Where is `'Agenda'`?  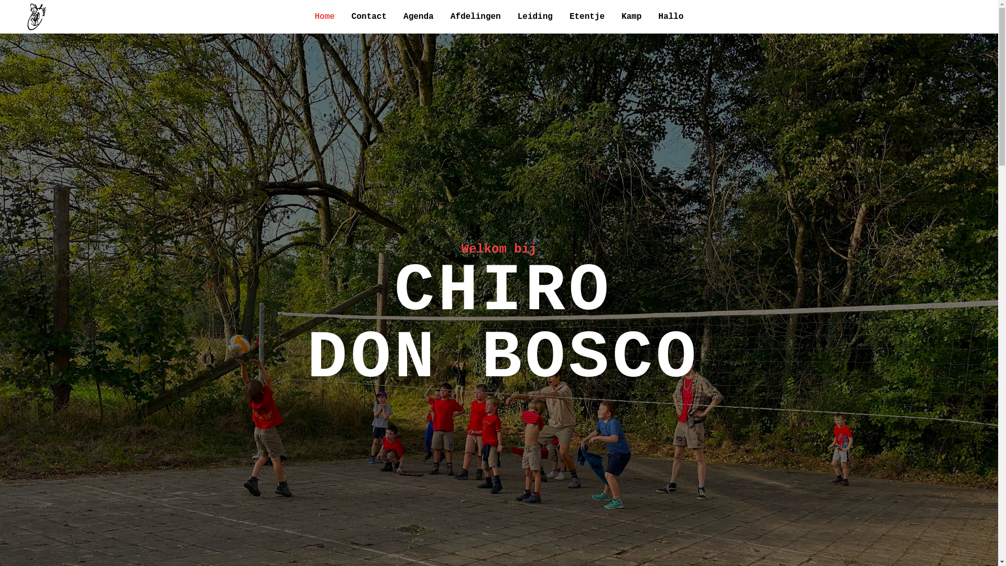
'Agenda' is located at coordinates (418, 16).